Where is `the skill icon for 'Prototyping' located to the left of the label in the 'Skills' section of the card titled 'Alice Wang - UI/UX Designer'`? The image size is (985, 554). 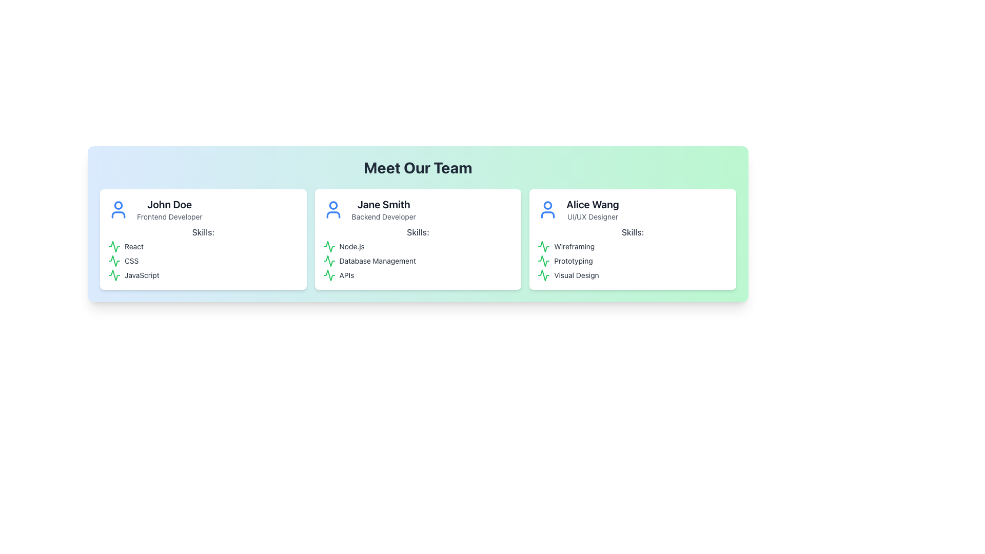
the skill icon for 'Prototyping' located to the left of the label in the 'Skills' section of the card titled 'Alice Wang - UI/UX Designer' is located at coordinates (543, 261).